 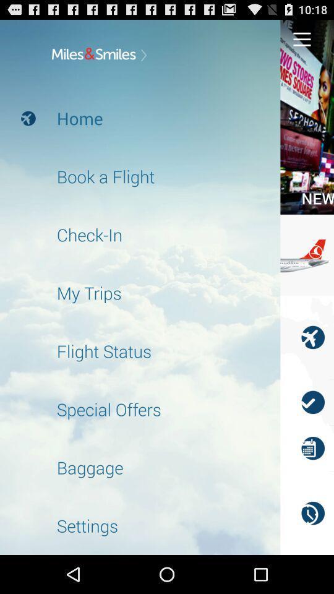 I want to click on menu, so click(x=301, y=38).